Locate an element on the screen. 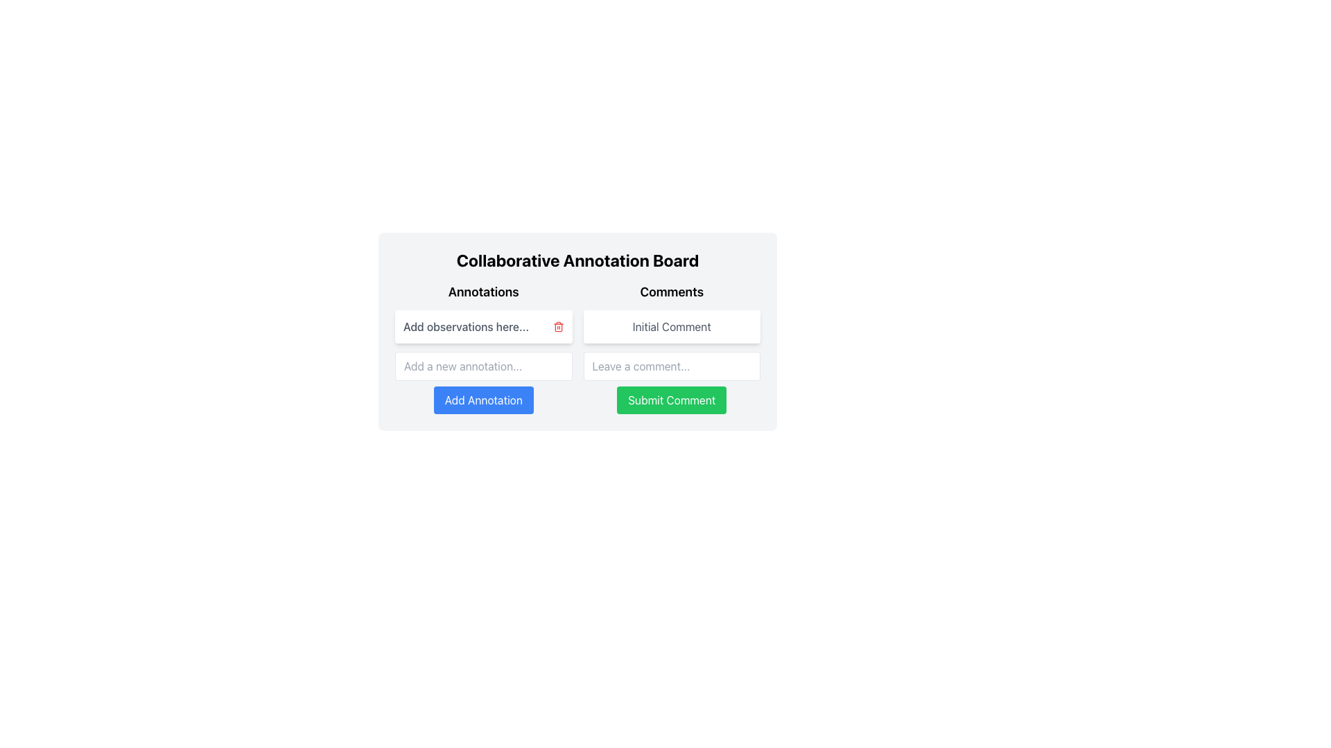 The width and height of the screenshot is (1331, 748). the submit button located directly below the 'Leave a comment...' input field in the 'Comments' section is located at coordinates (672, 382).